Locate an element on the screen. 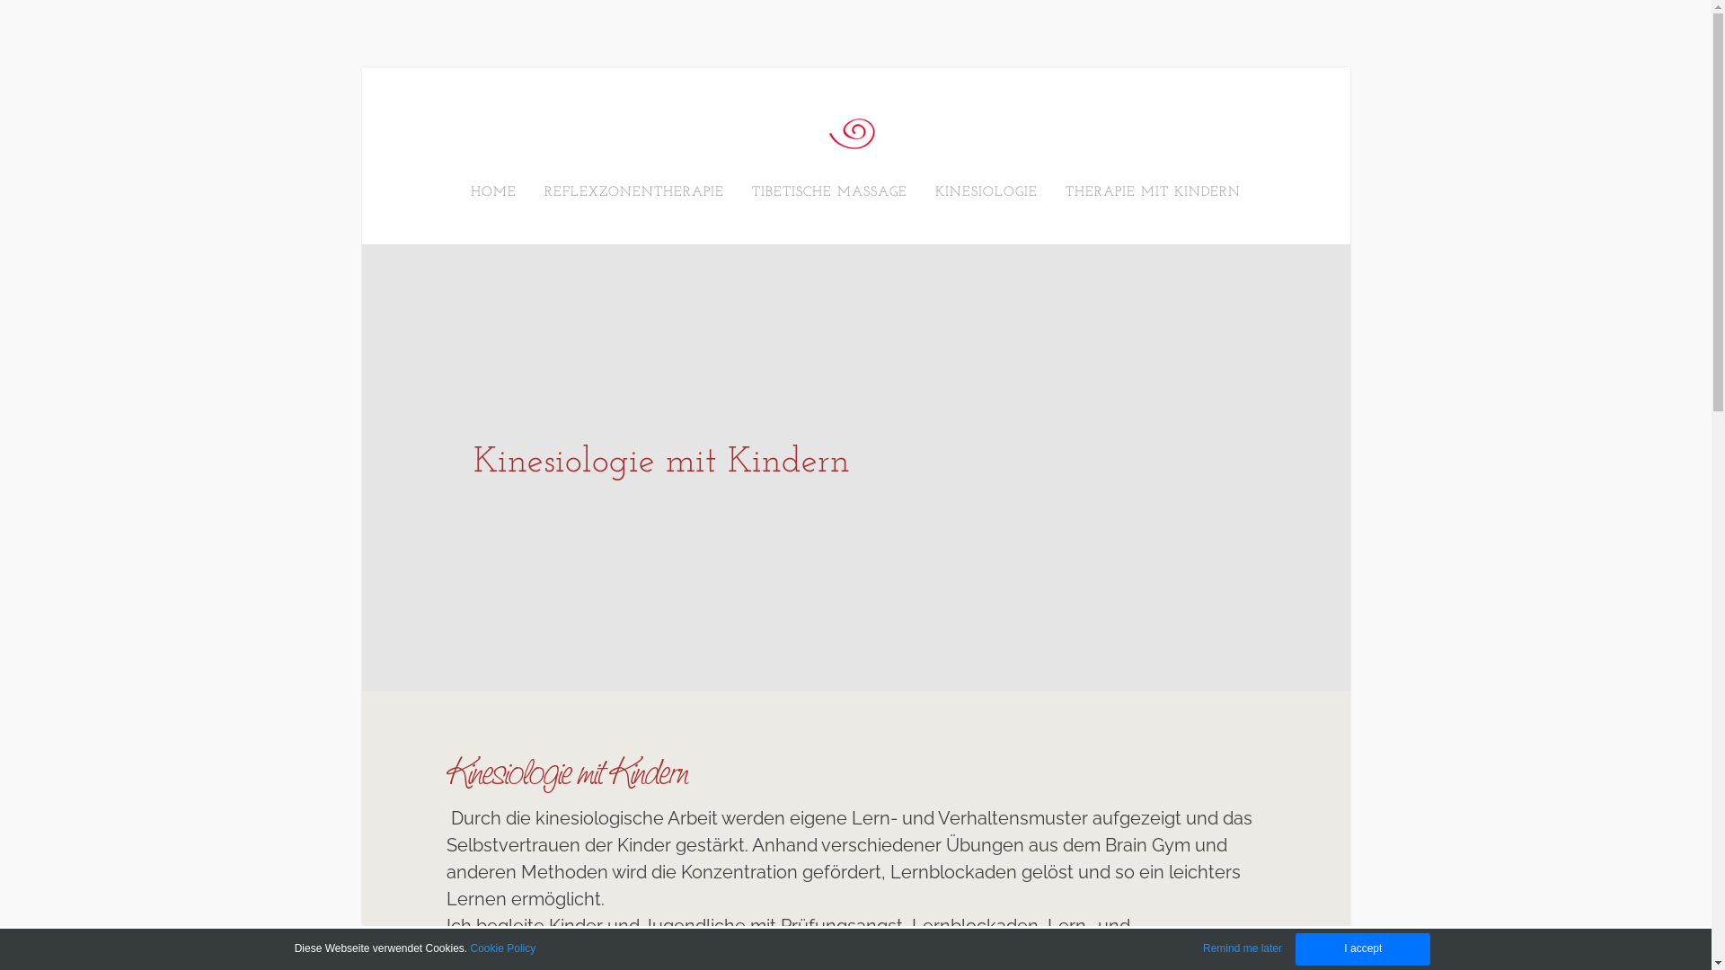 Image resolution: width=1725 pixels, height=970 pixels. 'TIBETISCHE MASSAGE' is located at coordinates (828, 192).